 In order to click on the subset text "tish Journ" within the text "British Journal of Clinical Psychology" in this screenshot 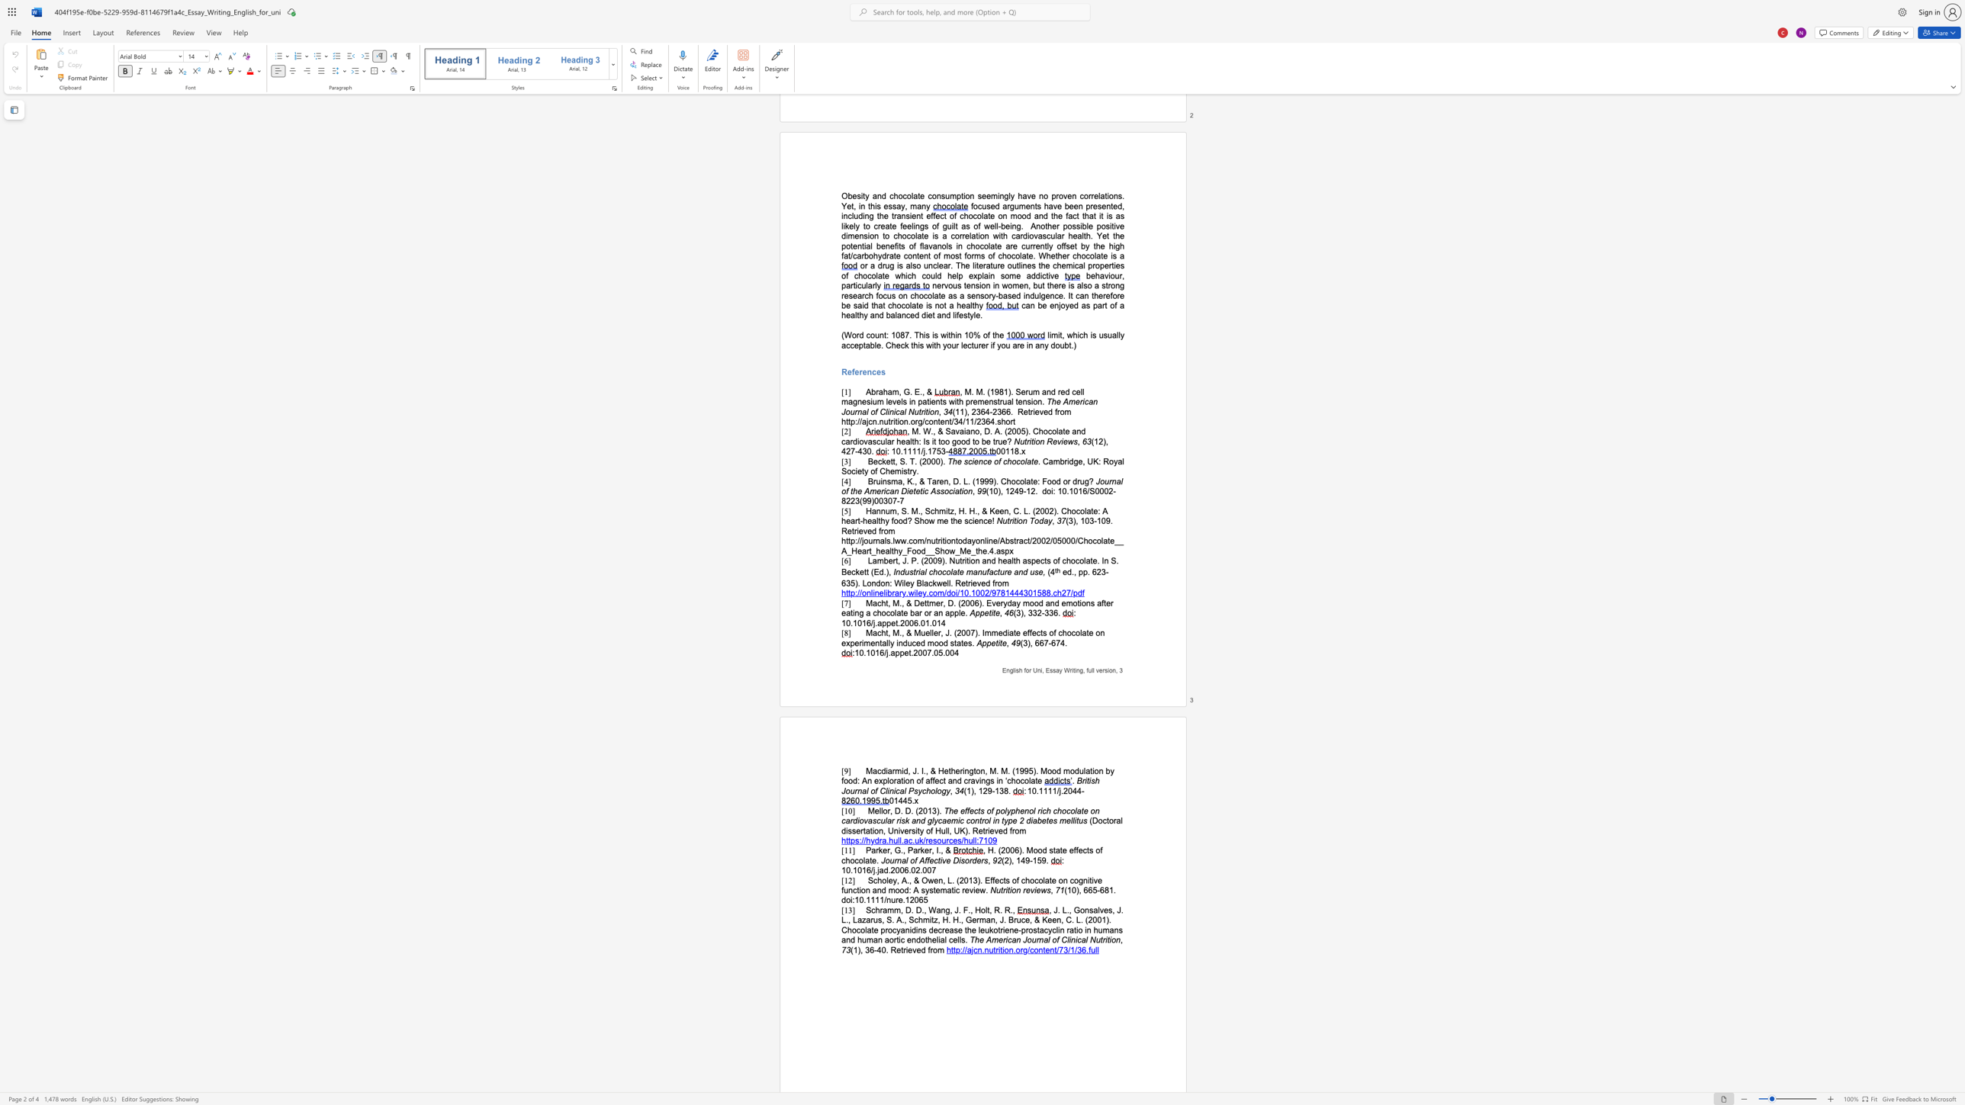, I will do `click(1086, 780)`.